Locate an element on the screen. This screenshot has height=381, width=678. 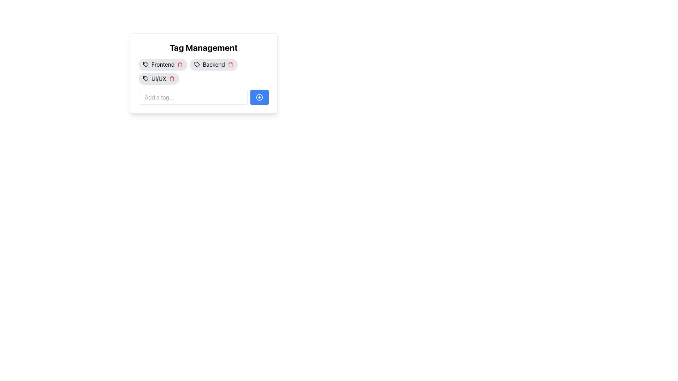
the tag icon representing the 'UI/UX' category in the 'Tag Management' interface, located to the left of the label text is located at coordinates (145, 79).